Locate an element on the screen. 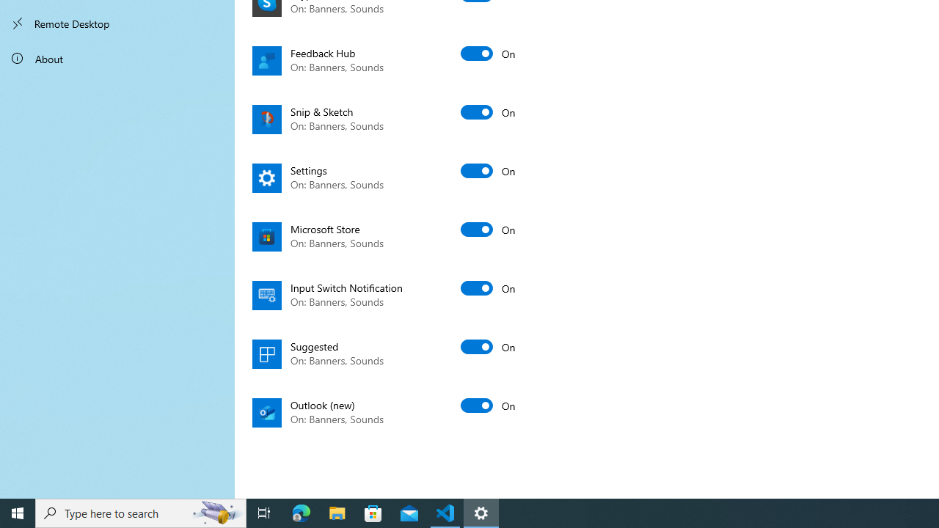 The image size is (939, 528). 'Type here to search' is located at coordinates (141, 512).